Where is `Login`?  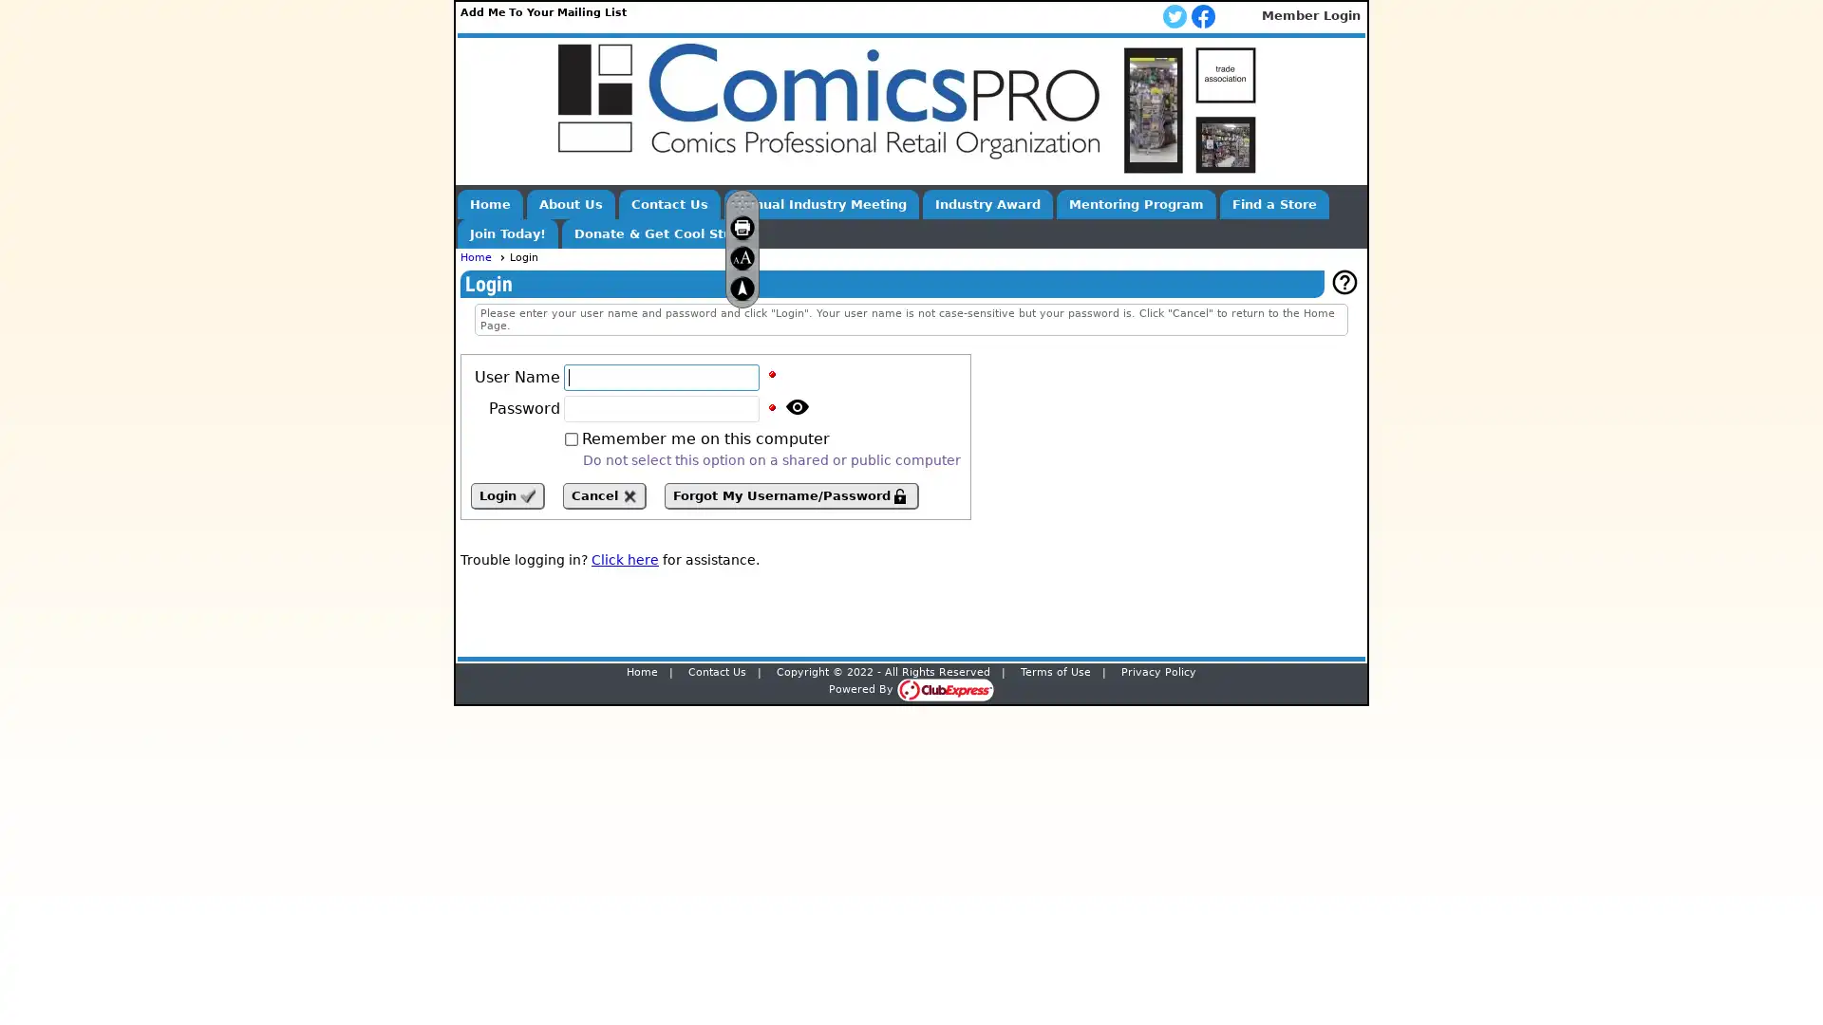 Login is located at coordinates (507, 495).